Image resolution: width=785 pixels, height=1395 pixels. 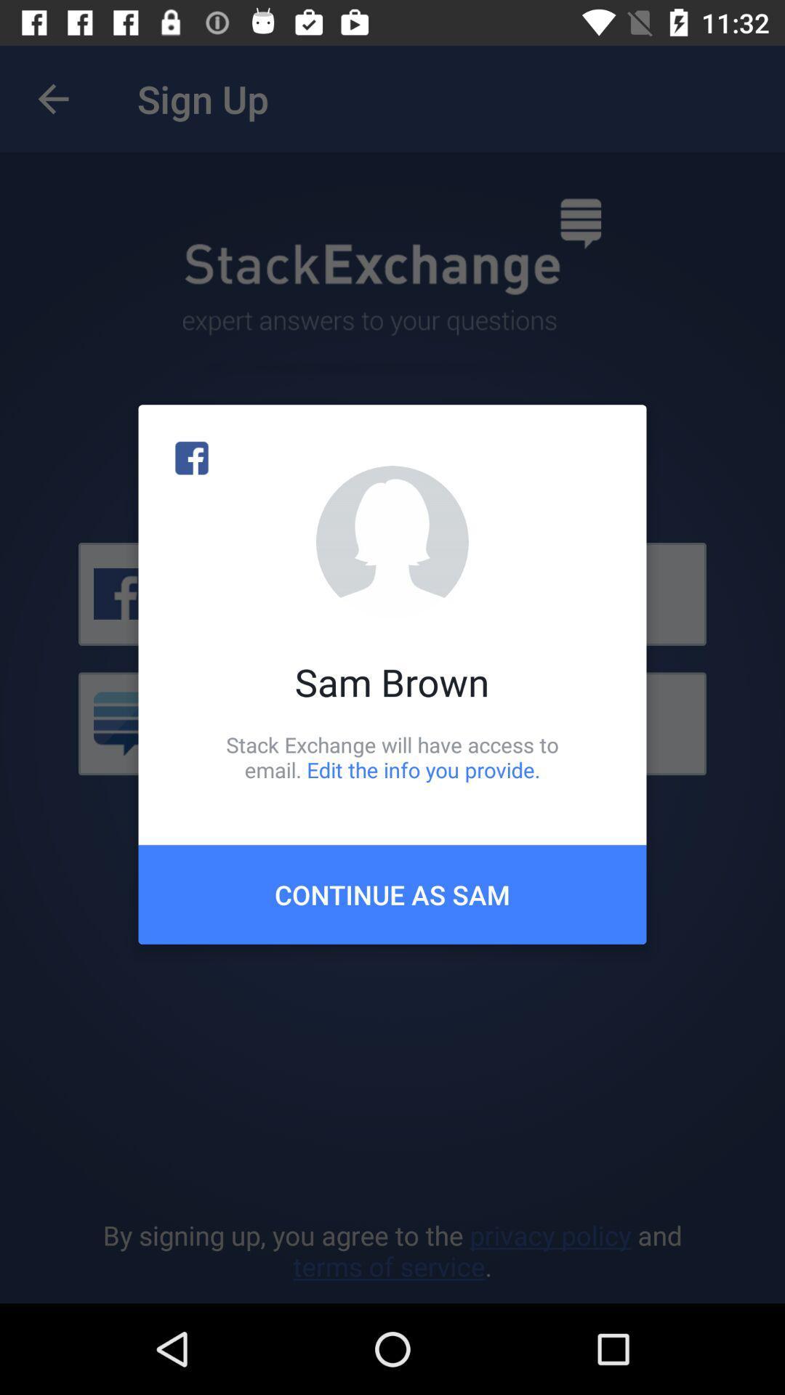 I want to click on stack exchange will icon, so click(x=392, y=756).